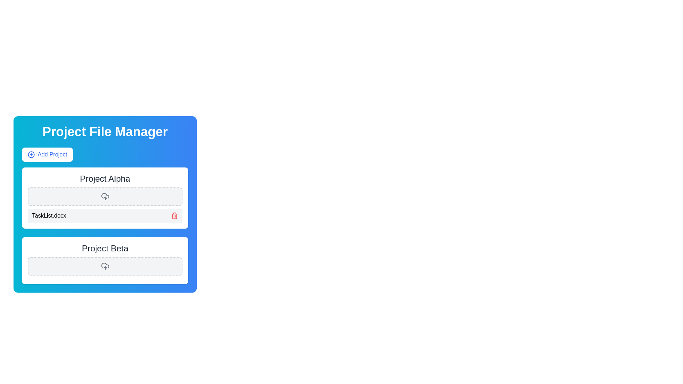 The height and width of the screenshot is (384, 683). What do you see at coordinates (105, 266) in the screenshot?
I see `the cloud upload icon in the 'Project Beta' section` at bounding box center [105, 266].